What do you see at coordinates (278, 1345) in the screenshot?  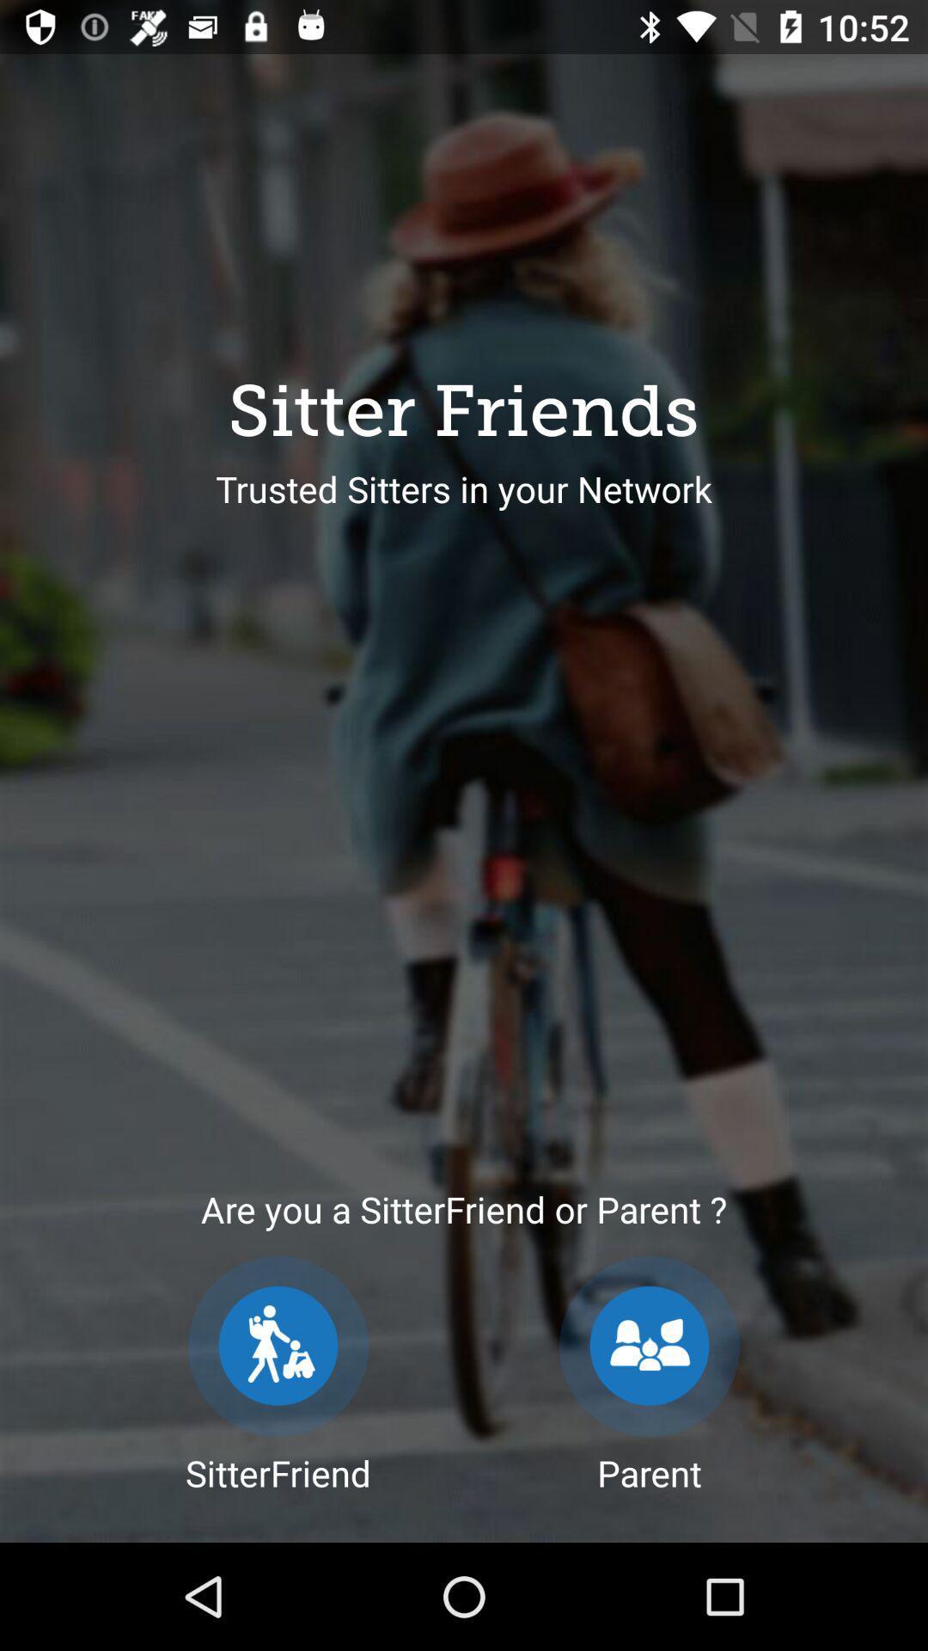 I see `advertisement` at bounding box center [278, 1345].